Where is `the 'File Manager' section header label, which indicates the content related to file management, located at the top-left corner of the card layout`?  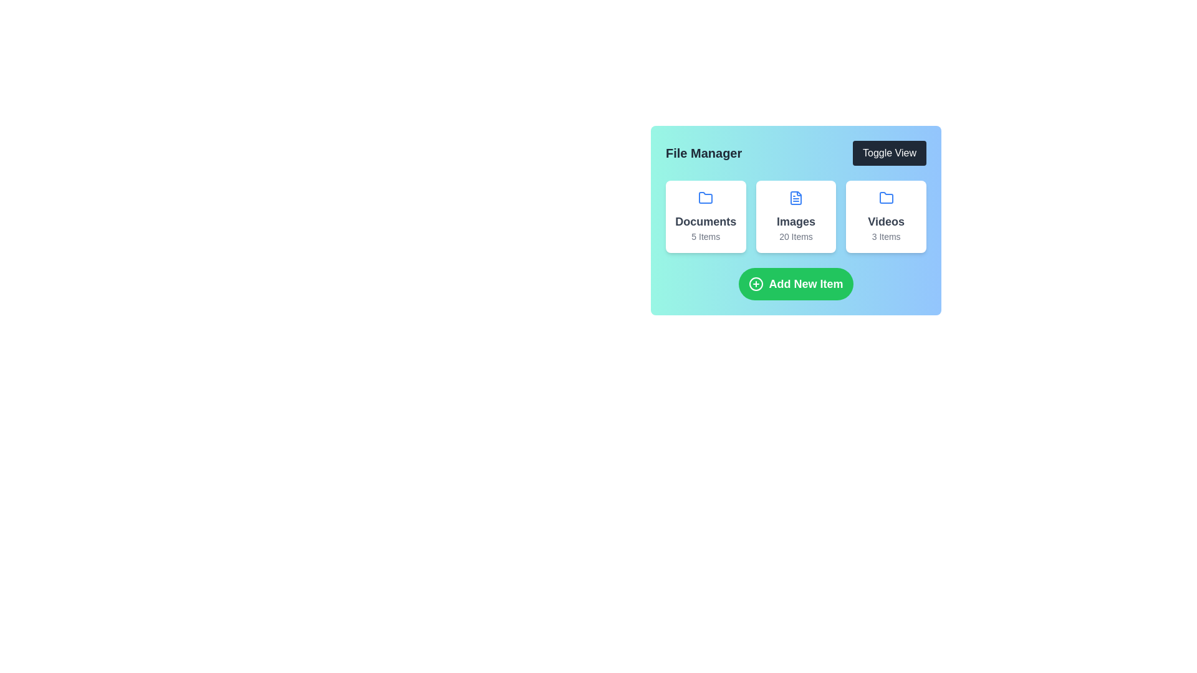 the 'File Manager' section header label, which indicates the content related to file management, located at the top-left corner of the card layout is located at coordinates (704, 153).